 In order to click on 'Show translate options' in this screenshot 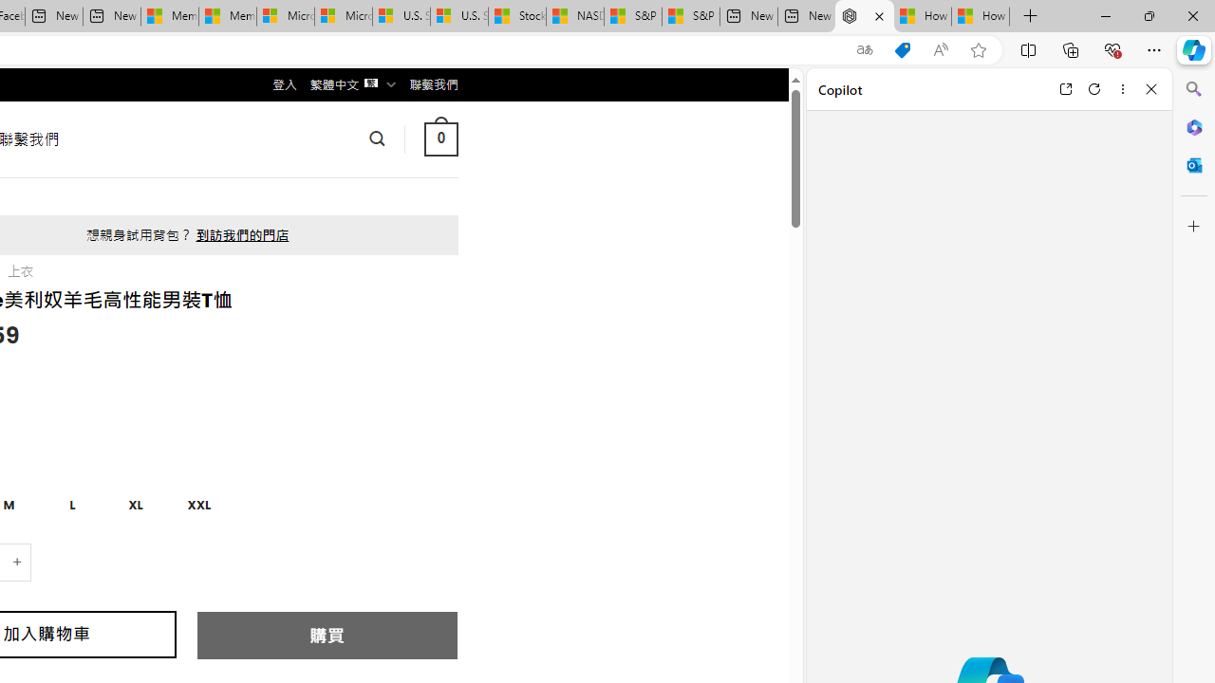, I will do `click(863, 49)`.